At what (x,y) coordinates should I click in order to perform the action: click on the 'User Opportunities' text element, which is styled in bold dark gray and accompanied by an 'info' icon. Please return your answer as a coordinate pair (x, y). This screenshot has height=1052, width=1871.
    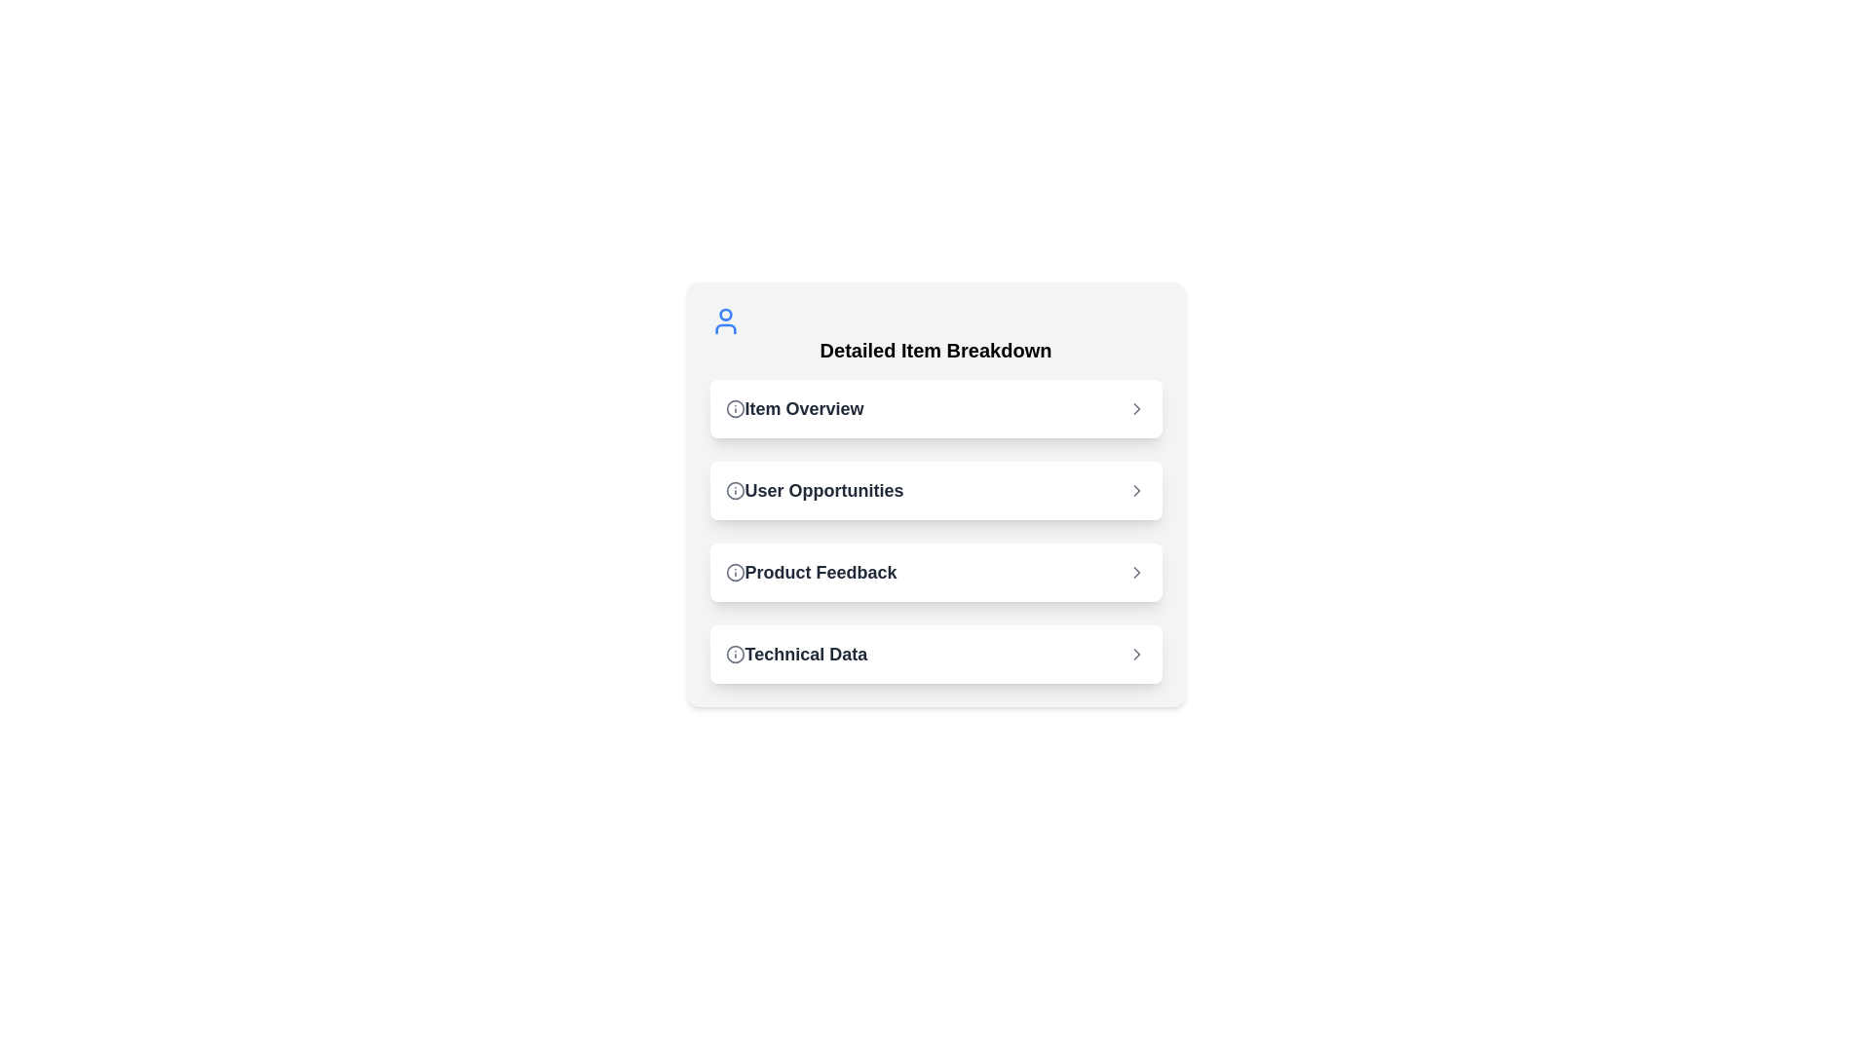
    Looking at the image, I should click on (814, 490).